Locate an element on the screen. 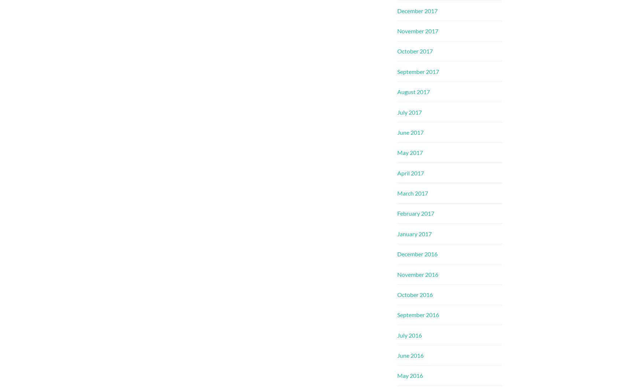 Image resolution: width=623 pixels, height=390 pixels. 'October 2016' is located at coordinates (415, 294).